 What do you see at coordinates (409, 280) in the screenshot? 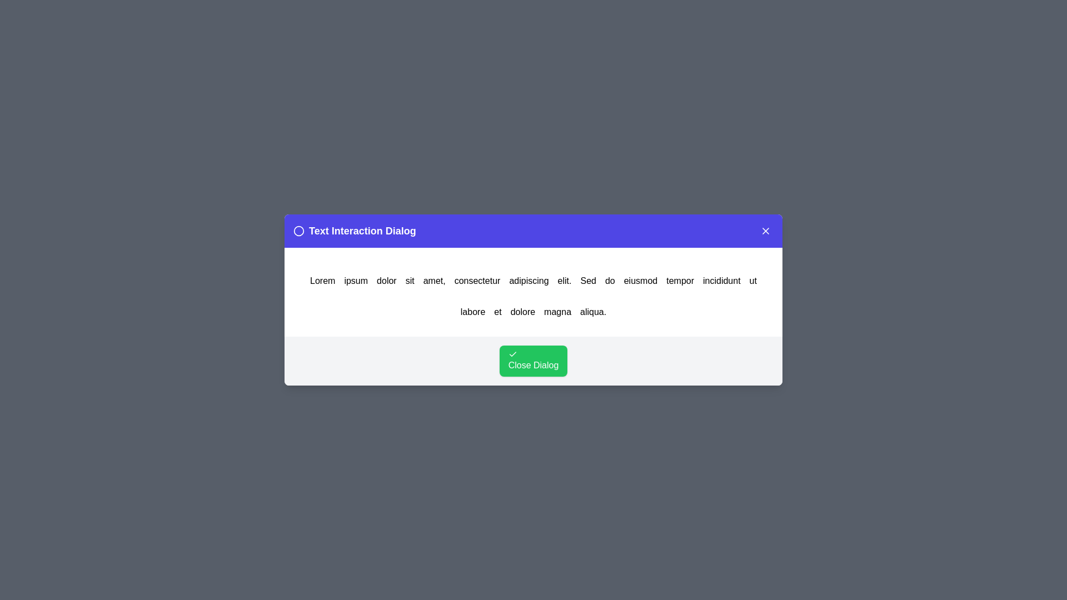
I see `the word sit in the text to trigger an alert displaying the clicked word` at bounding box center [409, 280].